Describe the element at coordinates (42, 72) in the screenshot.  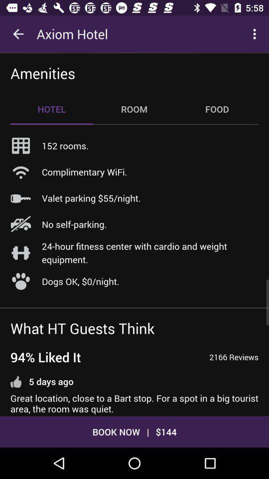
I see `amenities icon` at that location.